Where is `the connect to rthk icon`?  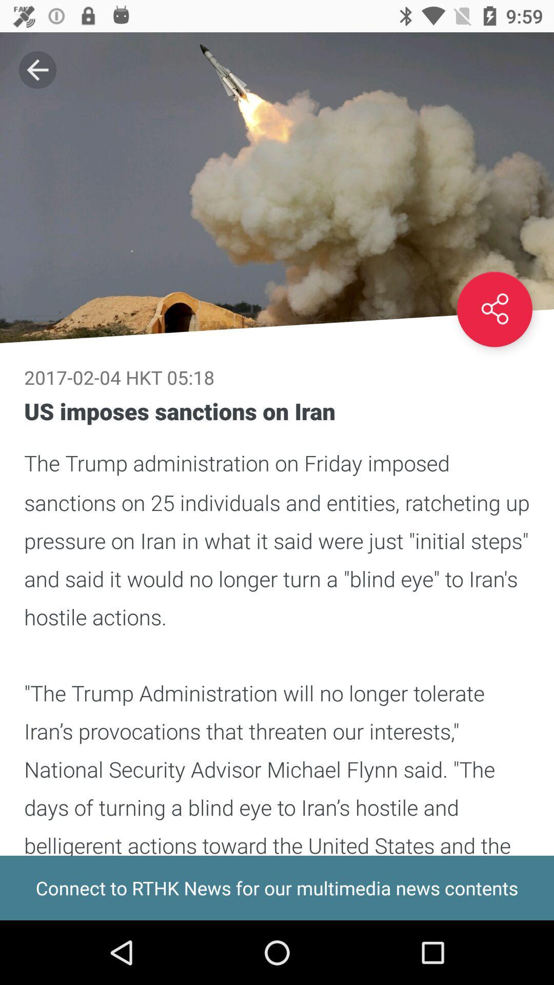 the connect to rthk icon is located at coordinates (277, 888).